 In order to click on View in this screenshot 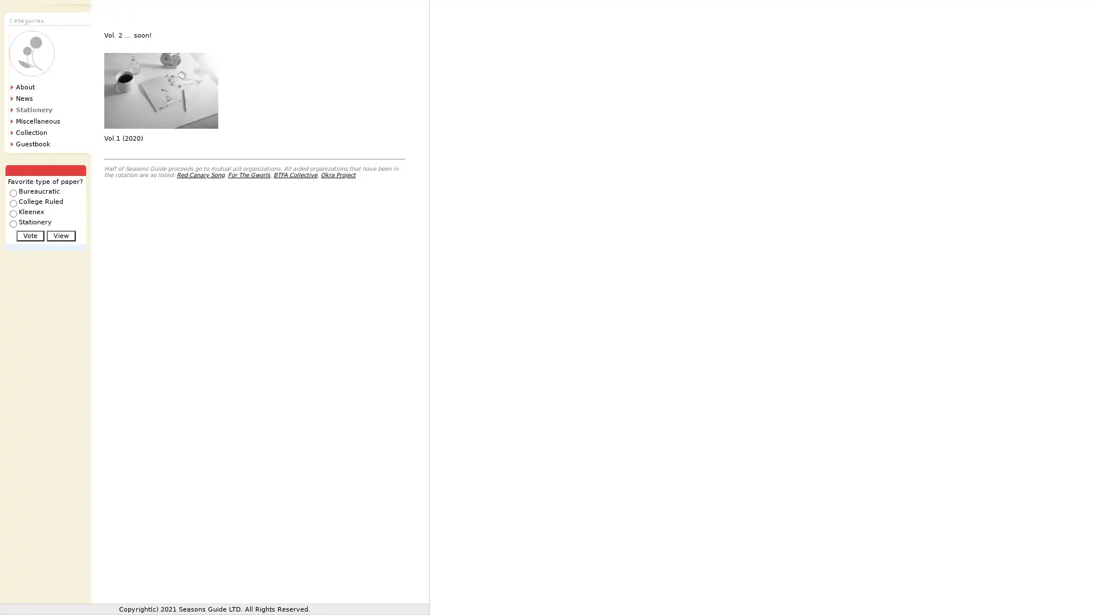, I will do `click(60, 235)`.